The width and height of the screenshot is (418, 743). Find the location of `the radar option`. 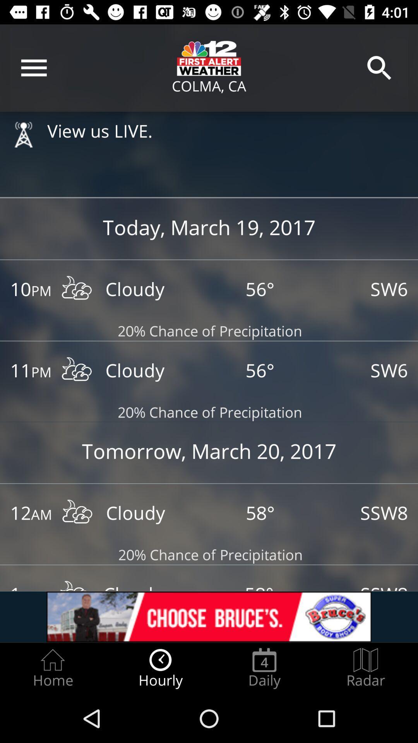

the radar option is located at coordinates (366, 668).